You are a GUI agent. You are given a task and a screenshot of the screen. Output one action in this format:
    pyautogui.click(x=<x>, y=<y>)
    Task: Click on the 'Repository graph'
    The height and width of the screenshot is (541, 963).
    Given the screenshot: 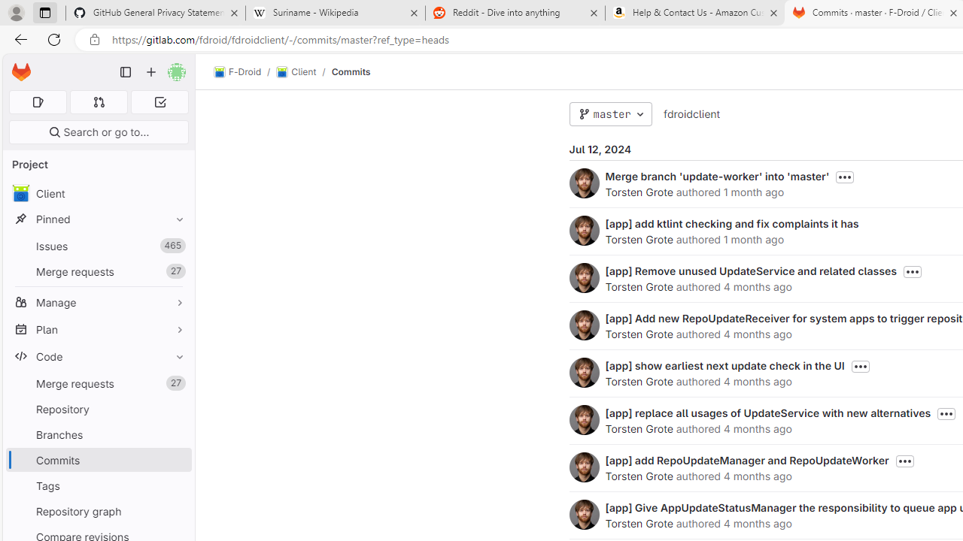 What is the action you would take?
    pyautogui.click(x=98, y=510)
    